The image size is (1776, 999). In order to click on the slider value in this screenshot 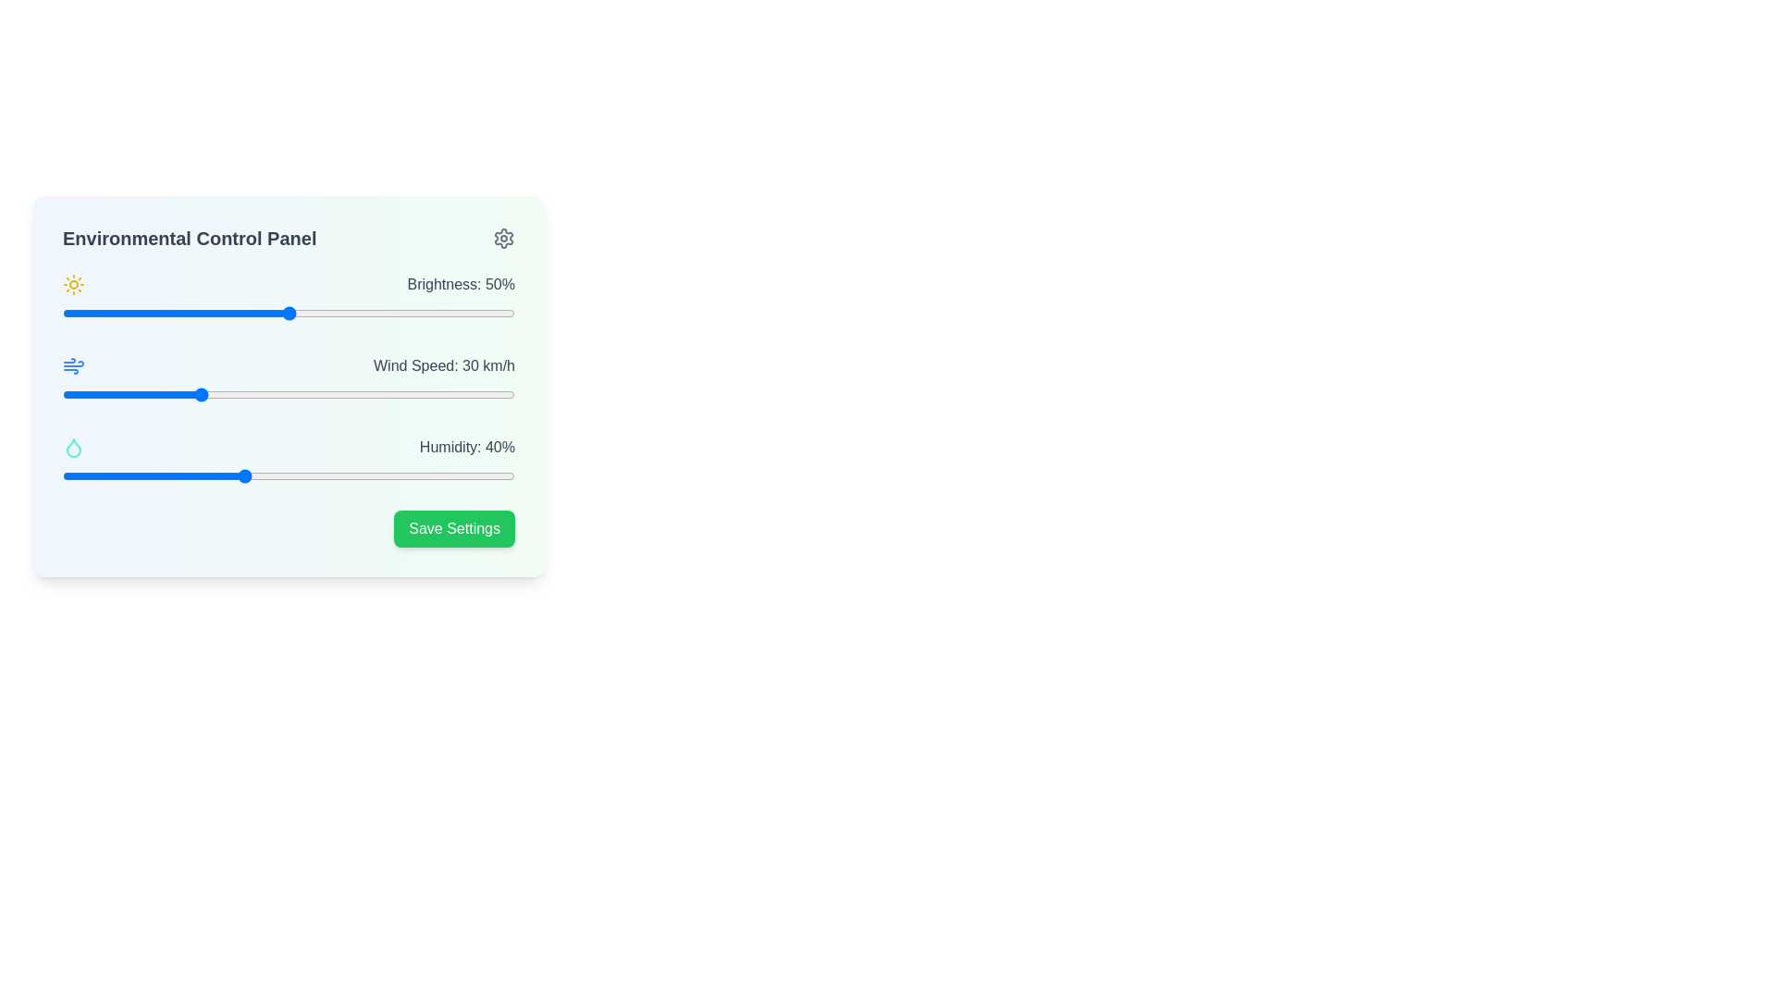, I will do `click(75, 313)`.